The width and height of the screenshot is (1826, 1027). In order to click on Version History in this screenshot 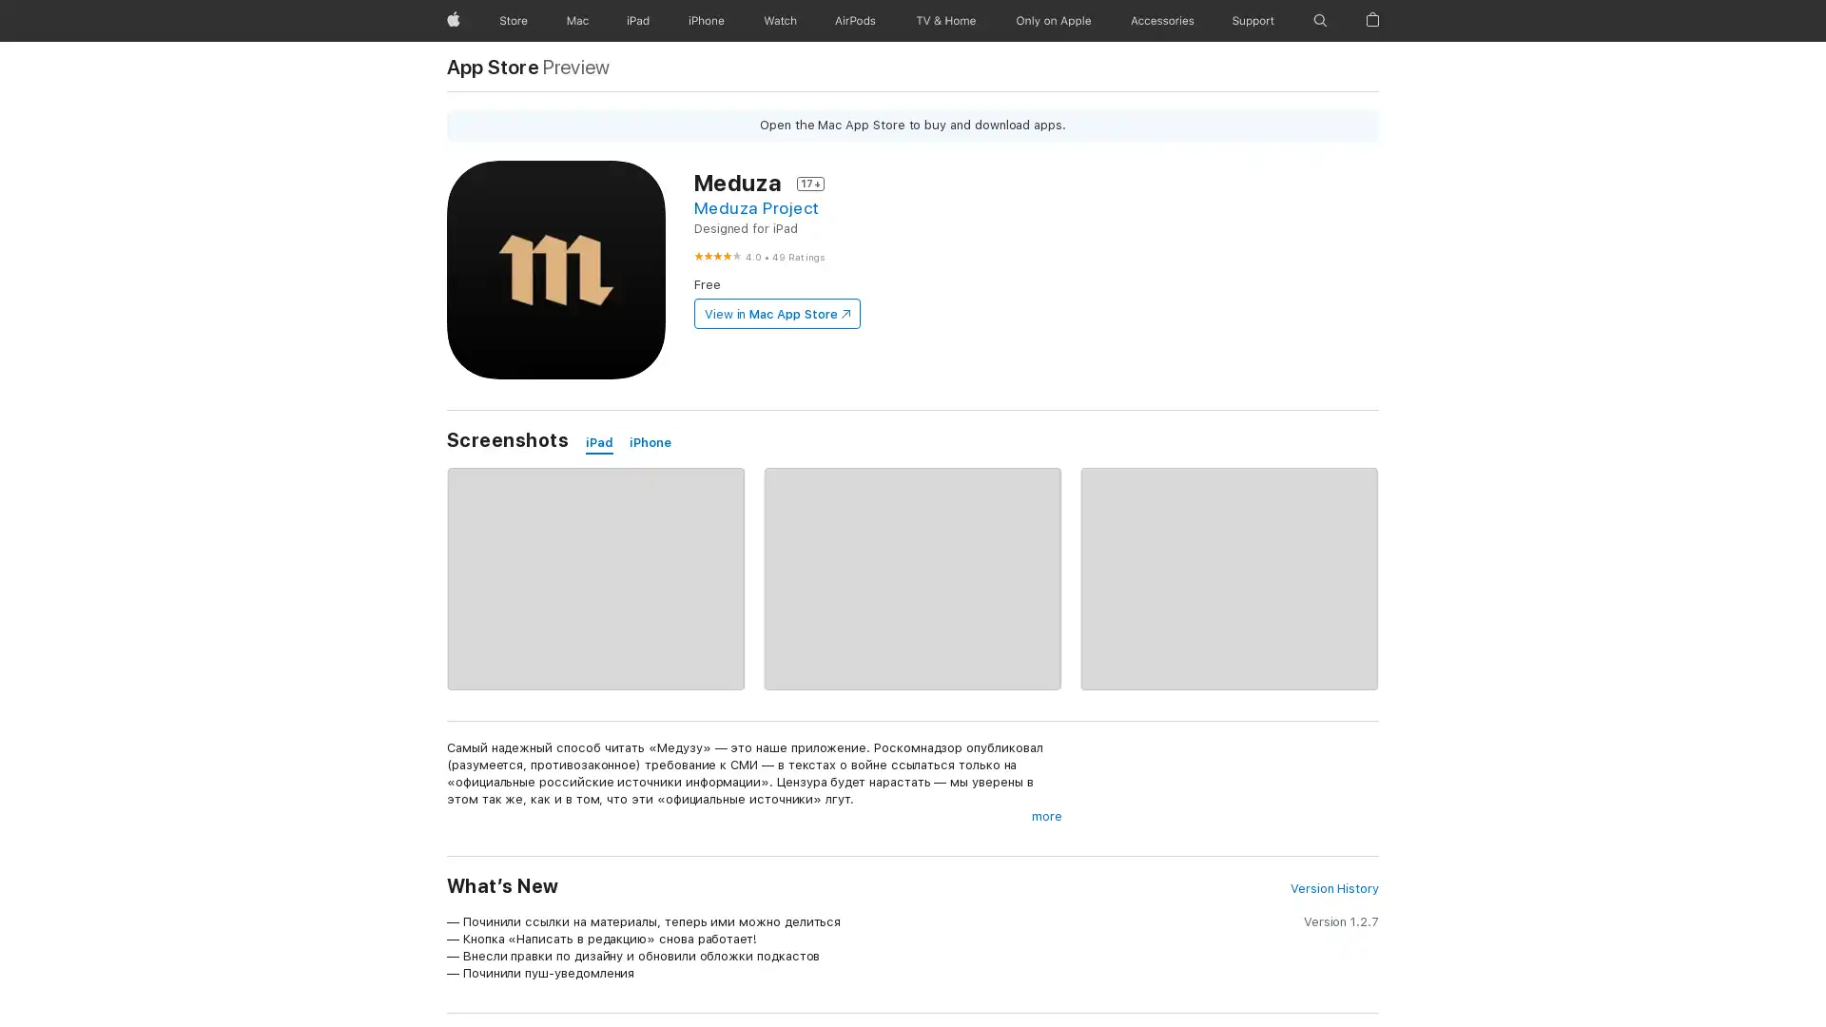, I will do `click(1332, 888)`.